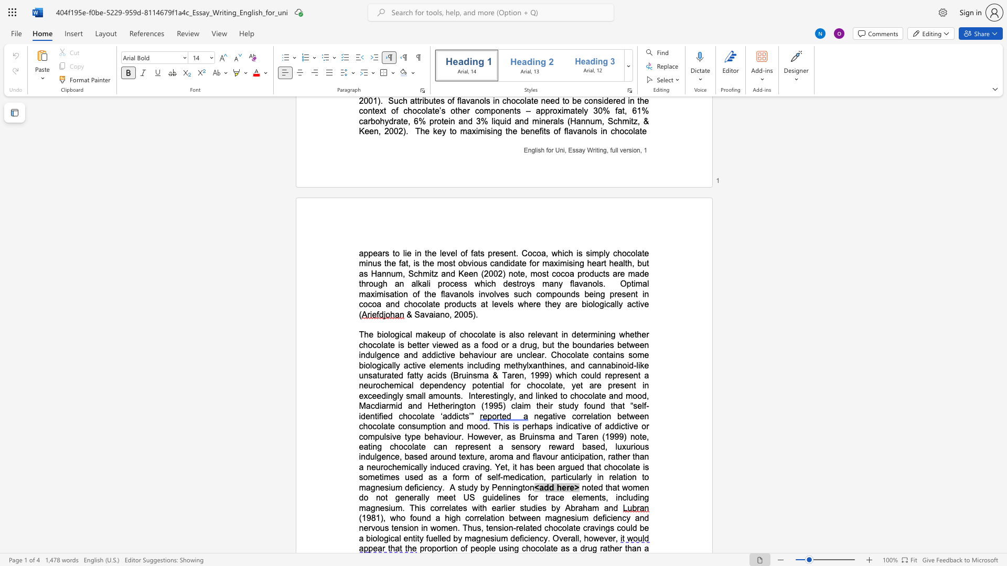 This screenshot has height=566, width=1007. Describe the element at coordinates (412, 416) in the screenshot. I see `the subset text "colate ‘a" within the text "mood, Macdiarmid and Hetherington (1995) claim their study found that “self-identified chocolate ‘addicts’”"` at that location.